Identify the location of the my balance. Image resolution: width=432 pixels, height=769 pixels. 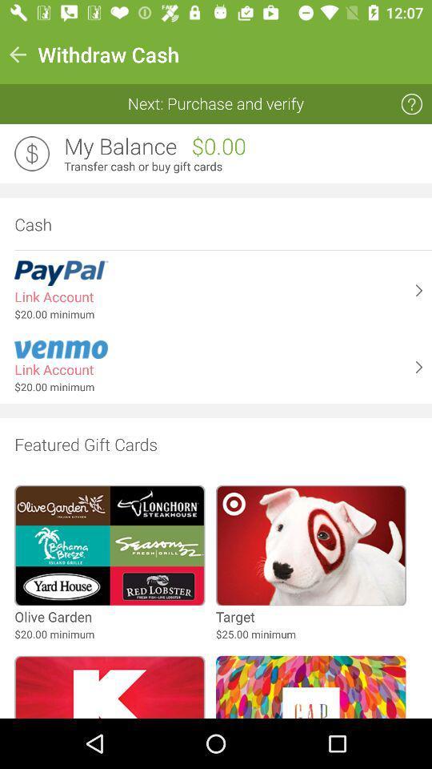
(119, 147).